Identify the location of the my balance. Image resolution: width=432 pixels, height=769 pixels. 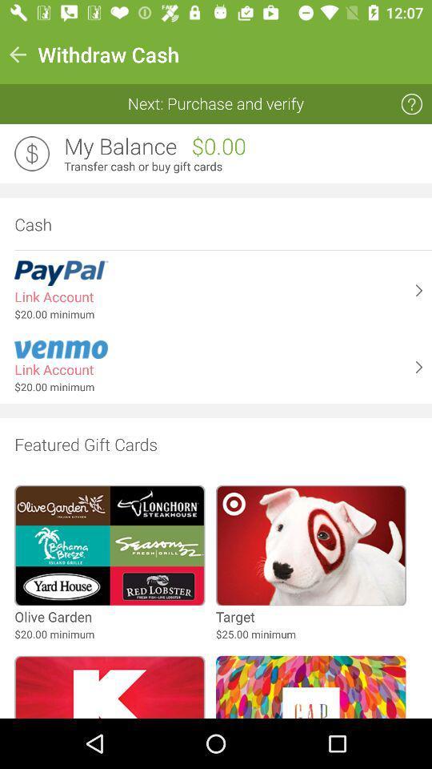
(119, 147).